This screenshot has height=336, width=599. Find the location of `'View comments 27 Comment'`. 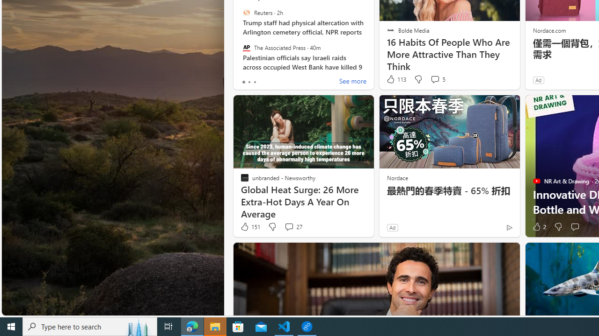

'View comments 27 Comment' is located at coordinates (288, 227).